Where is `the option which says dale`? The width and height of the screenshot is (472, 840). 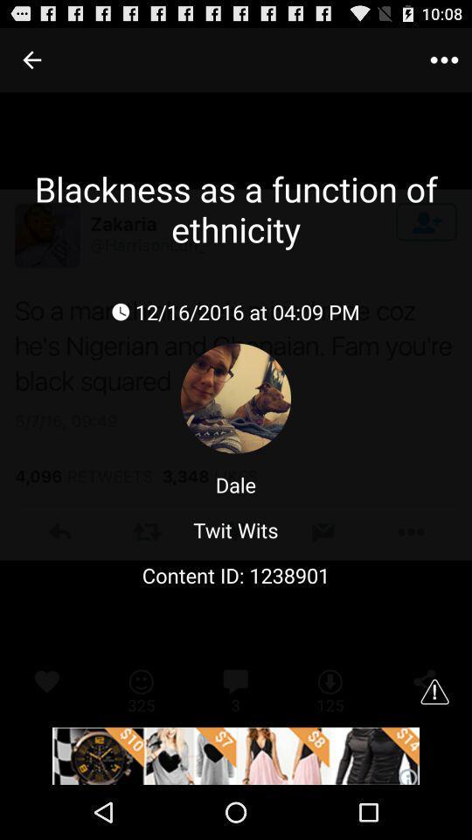 the option which says dale is located at coordinates (236, 485).